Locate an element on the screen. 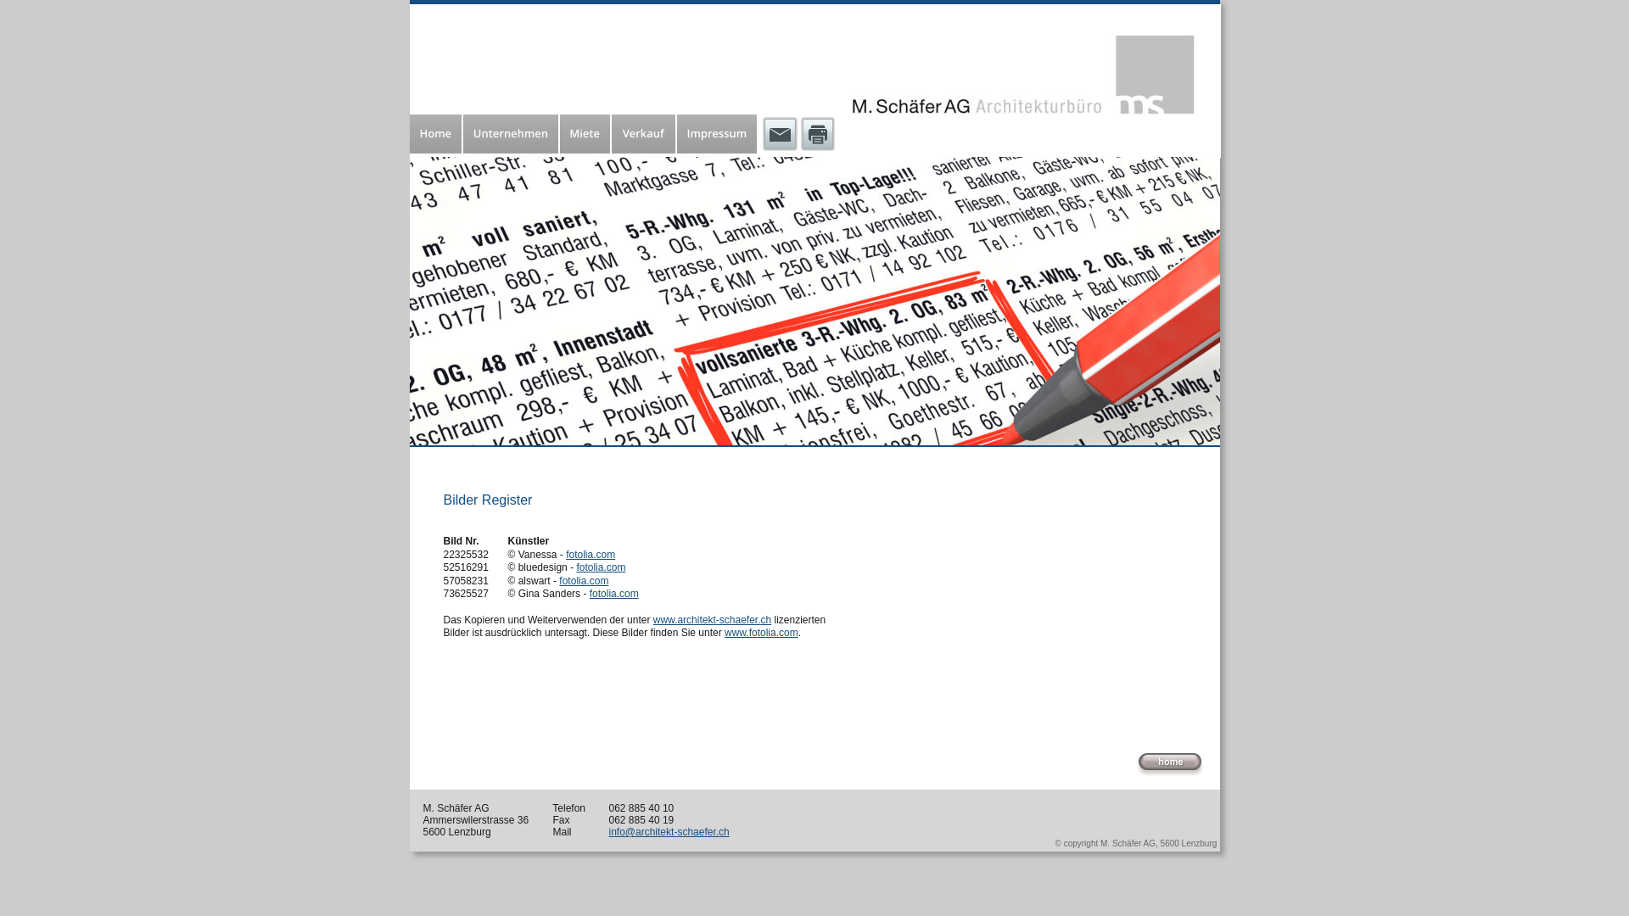  'www.architekt-schaefer.ch' is located at coordinates (712, 620).